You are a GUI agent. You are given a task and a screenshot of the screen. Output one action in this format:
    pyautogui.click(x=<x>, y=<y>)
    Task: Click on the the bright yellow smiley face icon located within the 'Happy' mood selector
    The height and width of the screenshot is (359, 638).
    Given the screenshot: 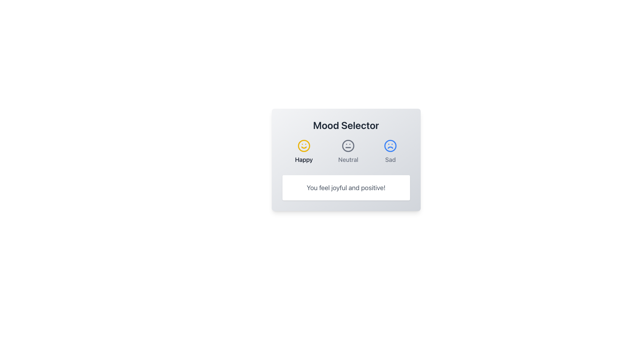 What is the action you would take?
    pyautogui.click(x=303, y=146)
    